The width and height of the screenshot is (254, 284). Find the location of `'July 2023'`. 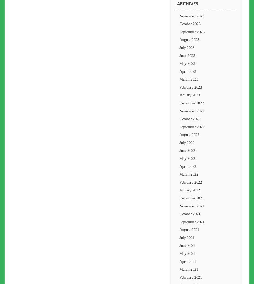

'July 2023' is located at coordinates (187, 47).